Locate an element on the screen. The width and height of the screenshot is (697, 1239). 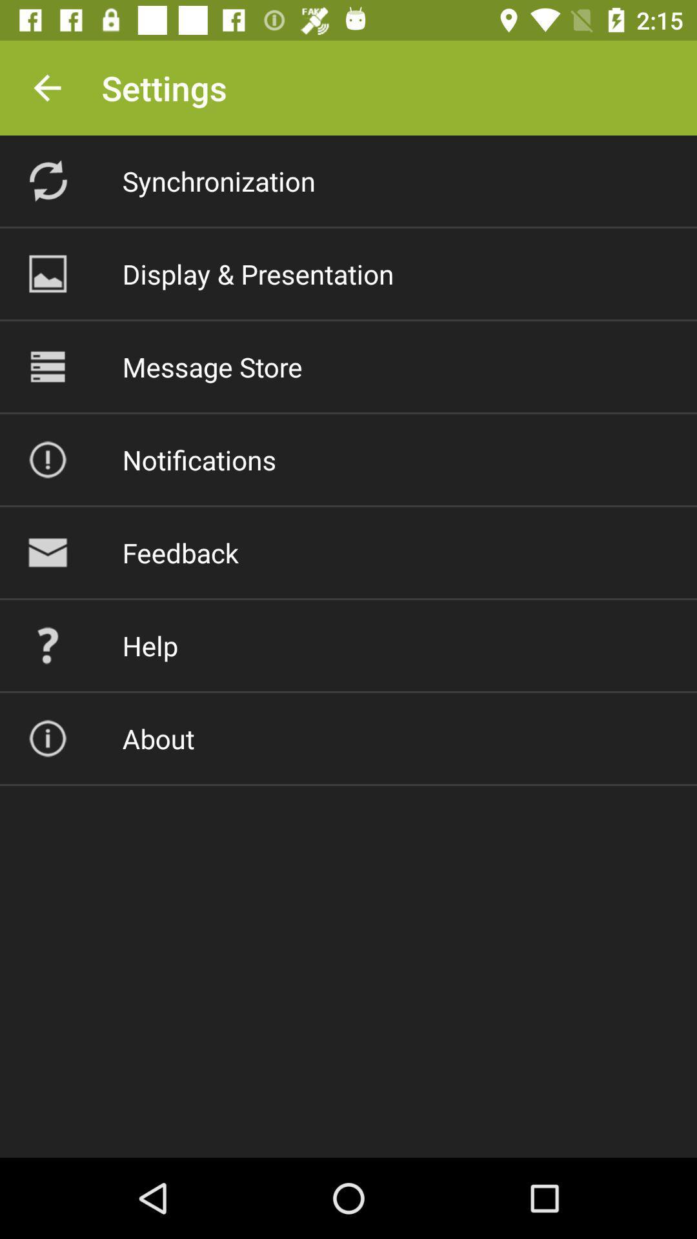
feedback item is located at coordinates (180, 552).